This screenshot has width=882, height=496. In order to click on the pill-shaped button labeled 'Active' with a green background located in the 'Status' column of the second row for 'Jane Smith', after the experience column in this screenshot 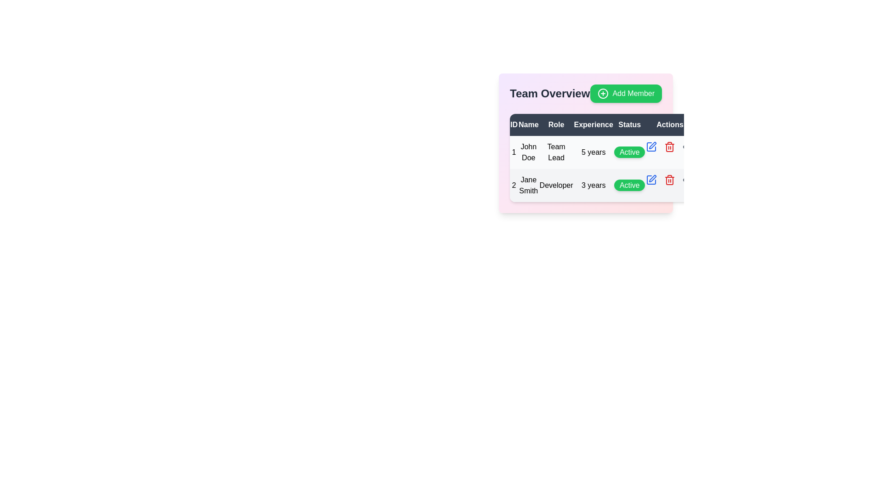, I will do `click(629, 186)`.